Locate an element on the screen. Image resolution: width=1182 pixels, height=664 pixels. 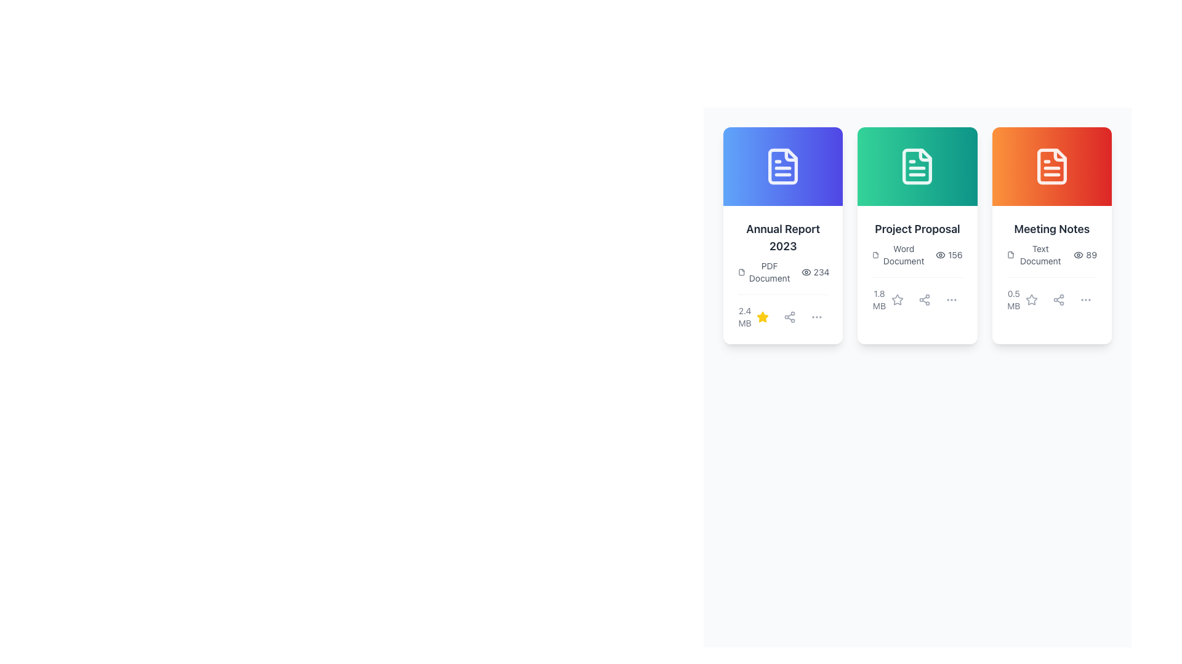
the document icon with a blue background and white lines in the top-left card titled 'Annual Report 2023' is located at coordinates (782, 166).